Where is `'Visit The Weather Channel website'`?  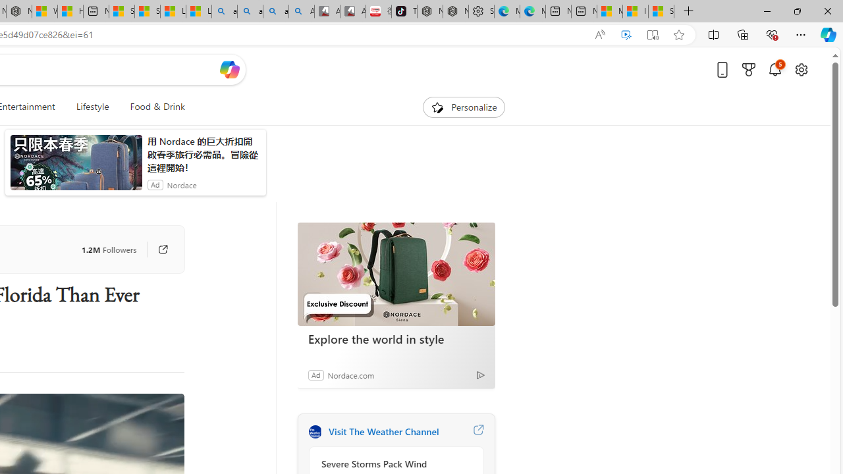
'Visit The Weather Channel website' is located at coordinates (477, 431).